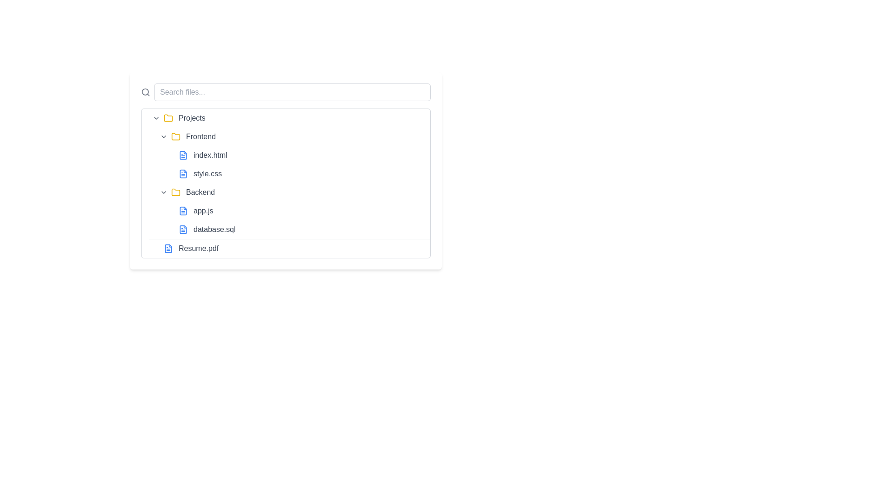 The image size is (891, 501). What do you see at coordinates (168, 117) in the screenshot?
I see `the folder icon located in the navigation panel to the left of the 'Projects' text, which visually represents a collapsible section` at bounding box center [168, 117].